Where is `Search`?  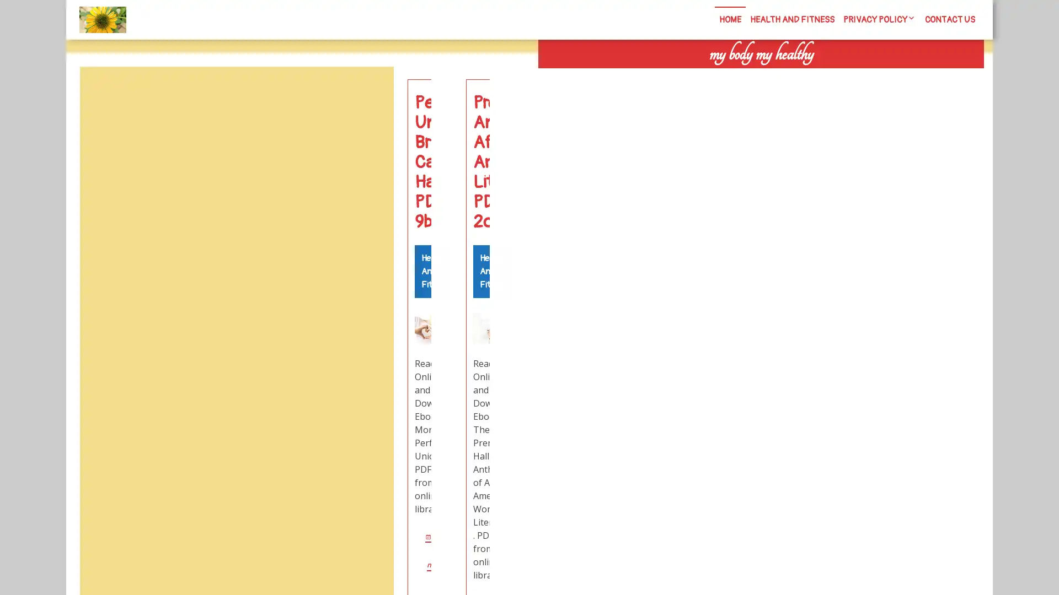
Search is located at coordinates (859, 77).